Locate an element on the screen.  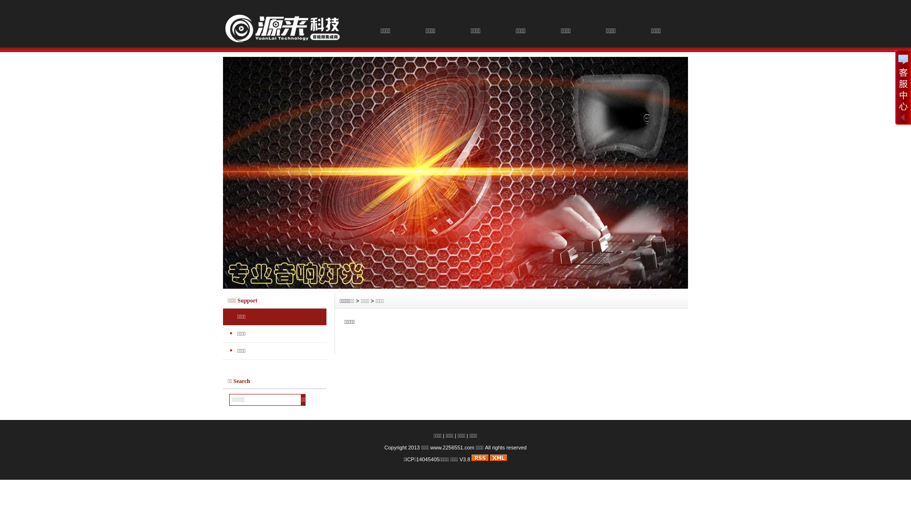
'V3.8' is located at coordinates (465, 458).